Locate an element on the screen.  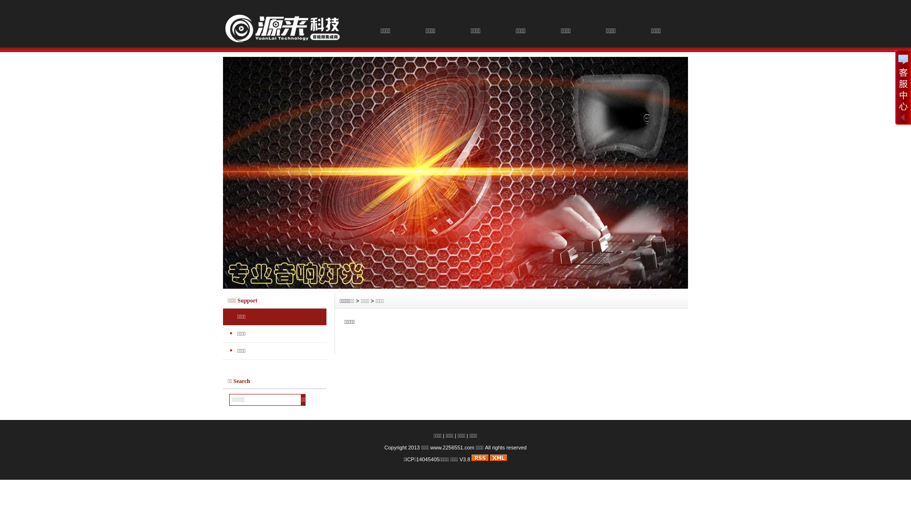
'V3.8' is located at coordinates (465, 458).